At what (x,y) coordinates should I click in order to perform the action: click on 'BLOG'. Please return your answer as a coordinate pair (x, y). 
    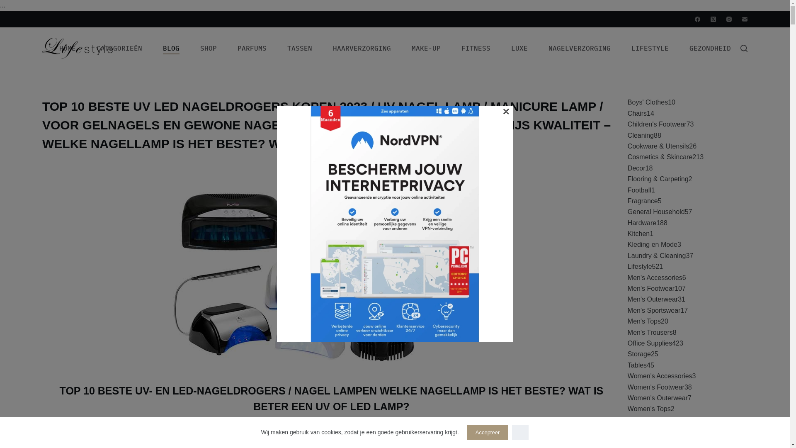
    Looking at the image, I should click on (153, 48).